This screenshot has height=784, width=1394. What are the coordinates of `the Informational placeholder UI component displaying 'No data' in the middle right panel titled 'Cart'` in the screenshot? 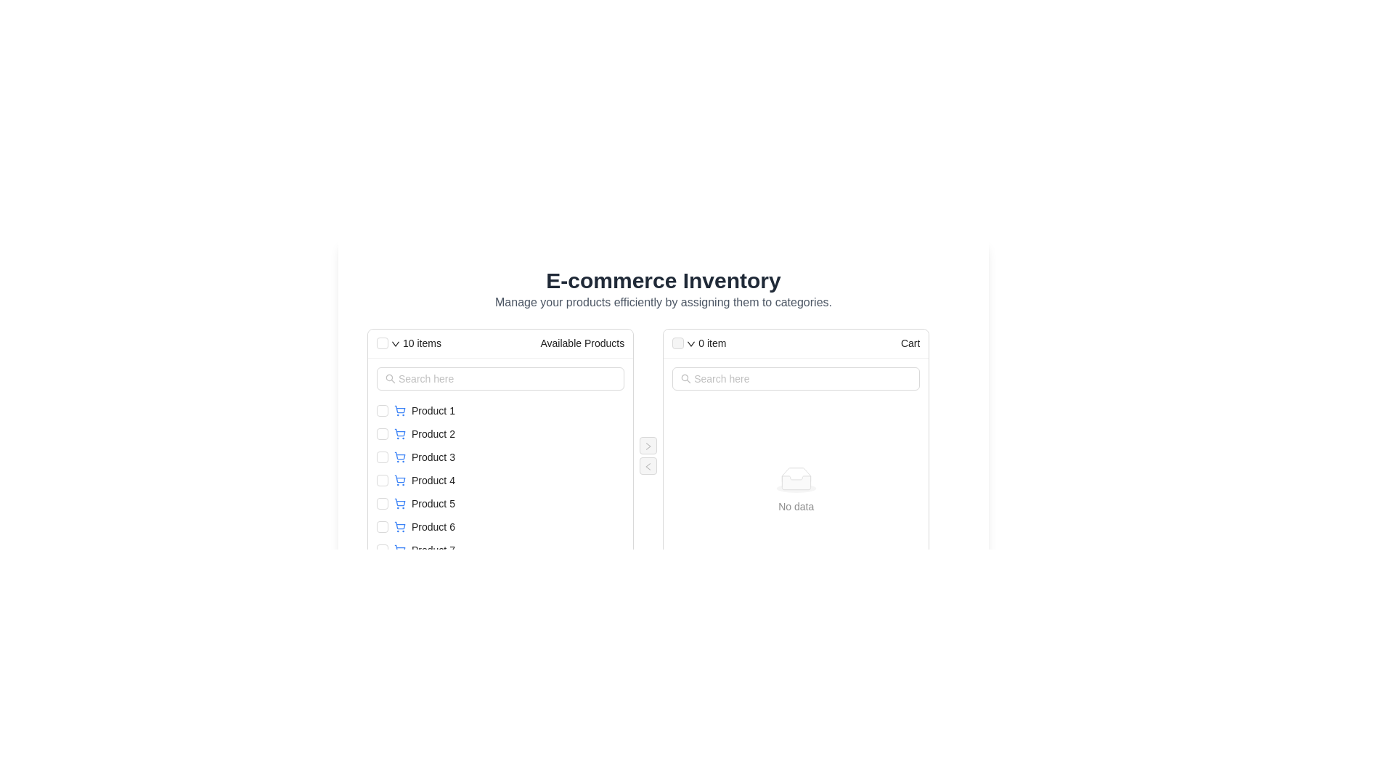 It's located at (795, 490).